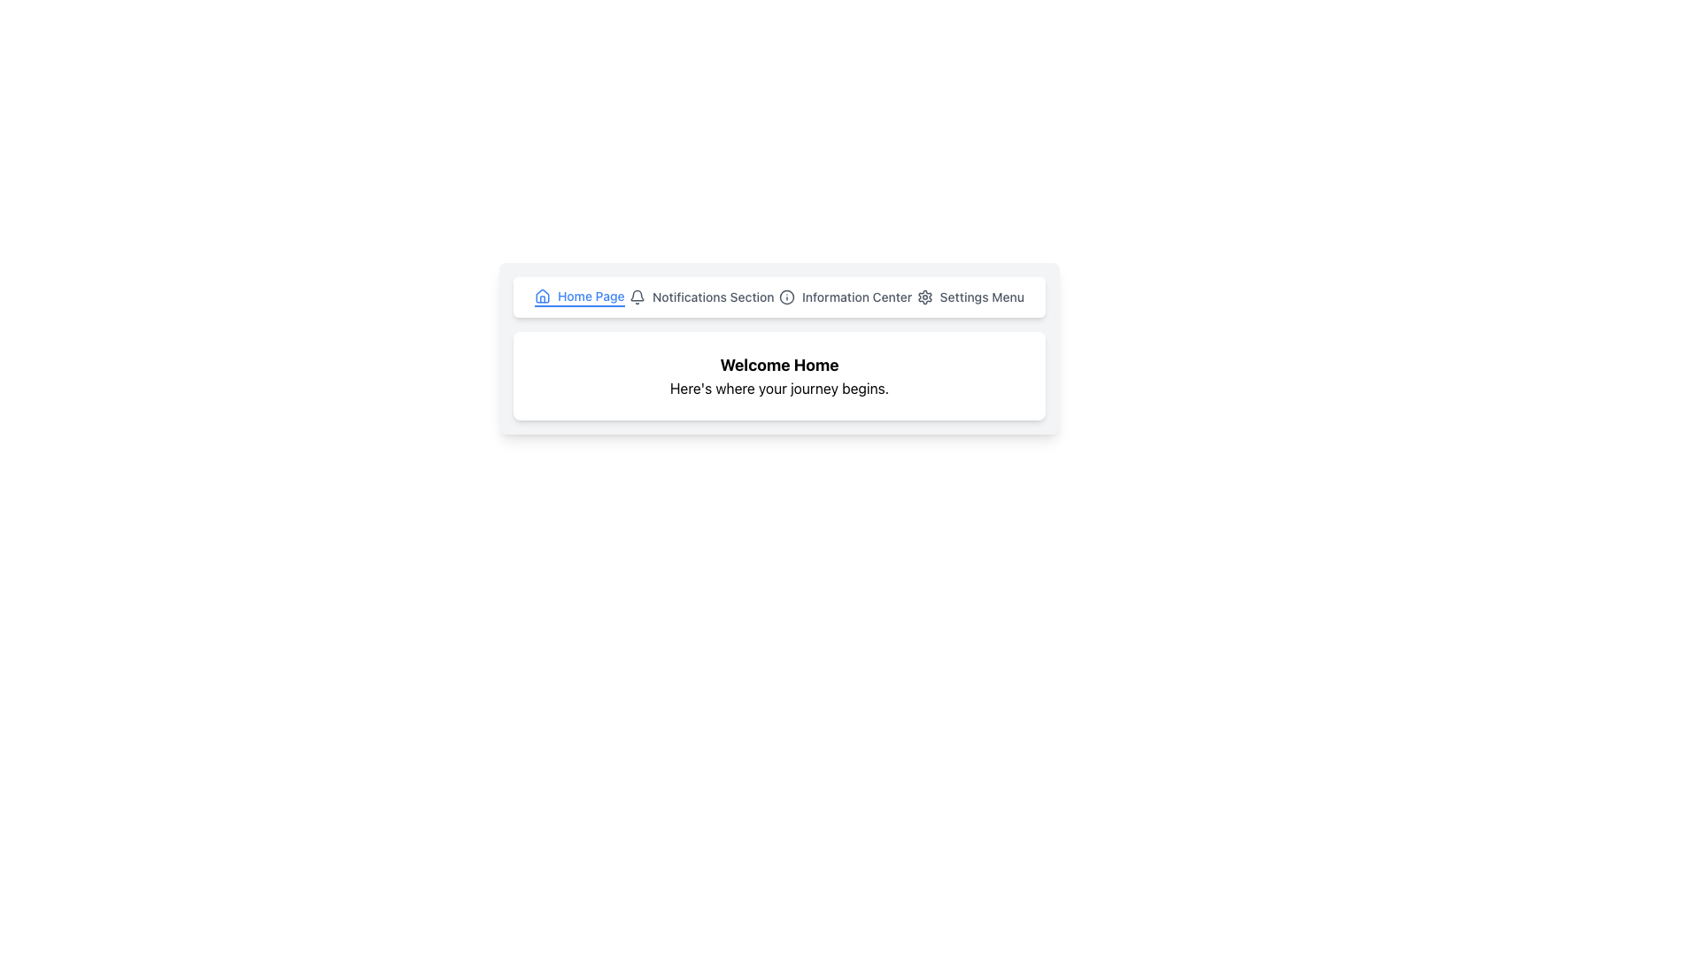 Image resolution: width=1700 pixels, height=956 pixels. What do you see at coordinates (857, 296) in the screenshot?
I see `the third text label in the navigation bar, which serves as a link to the information center, to trigger a tooltip` at bounding box center [857, 296].